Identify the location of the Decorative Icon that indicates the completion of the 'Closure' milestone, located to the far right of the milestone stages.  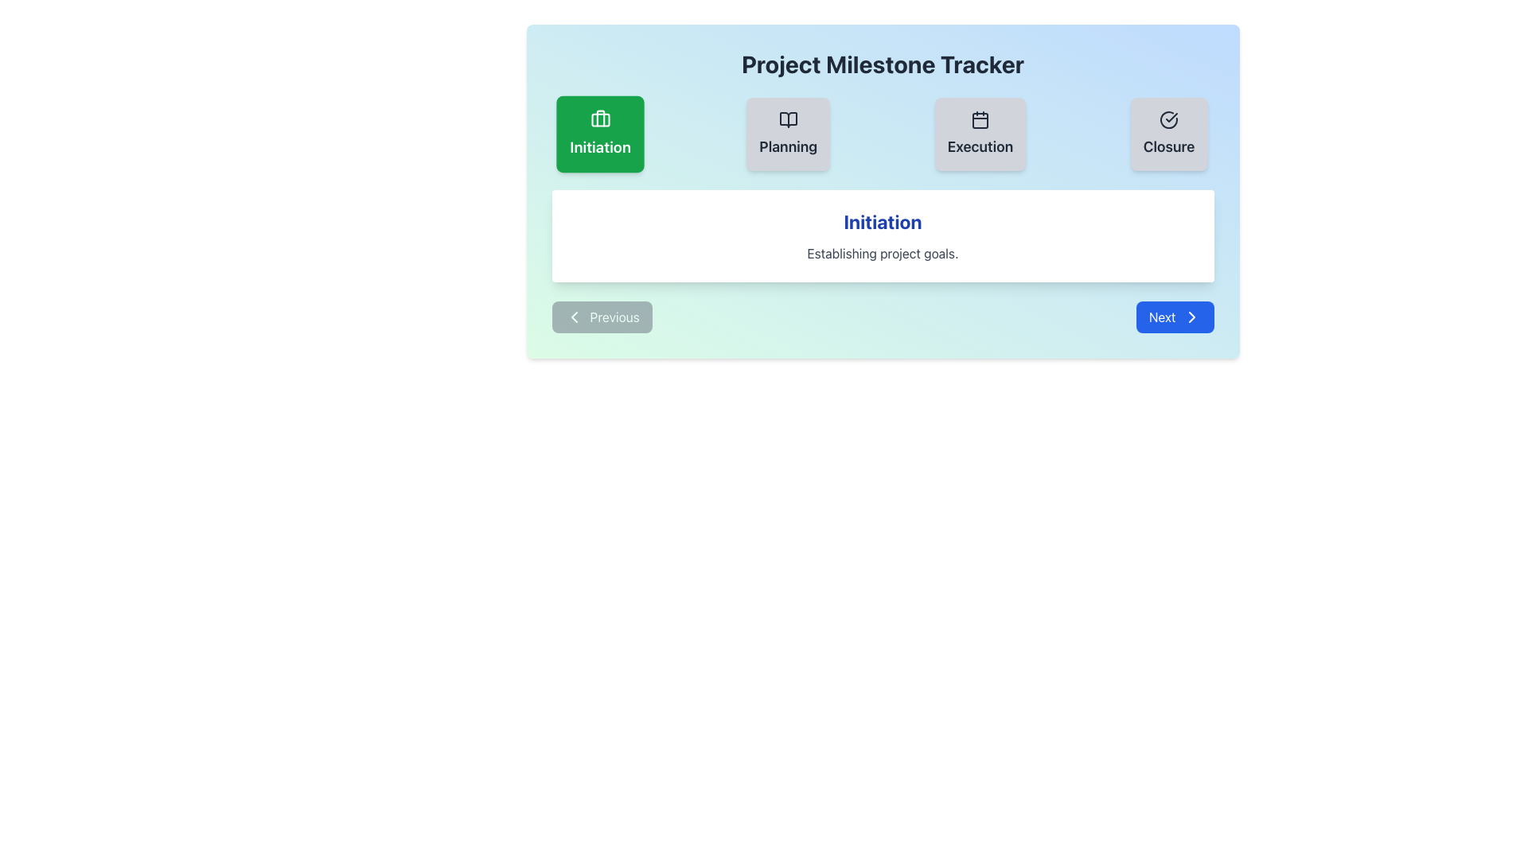
(1169, 119).